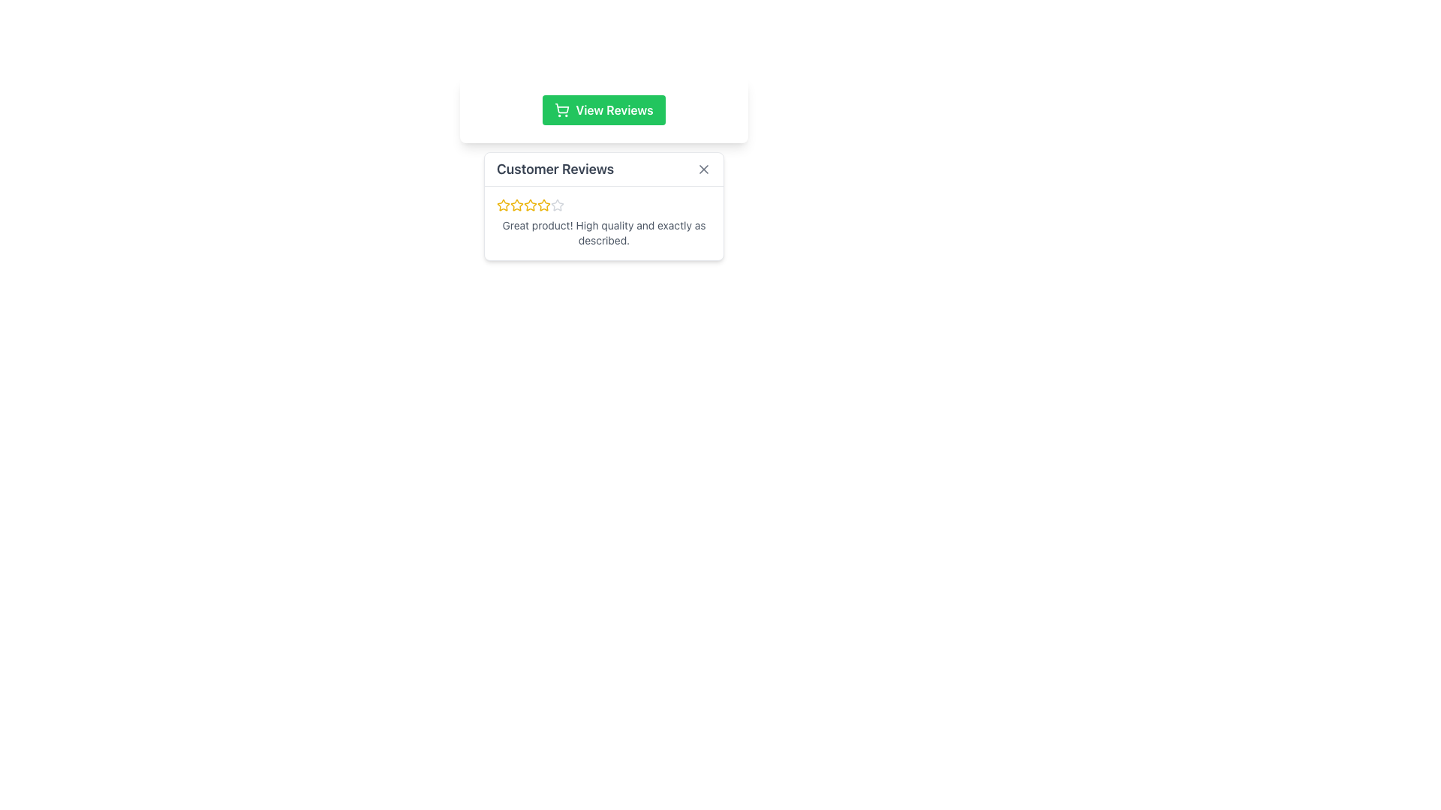 This screenshot has height=810, width=1441. What do you see at coordinates (702, 169) in the screenshot?
I see `the gray 'x' icon button located at the upper-right corner of the 'Customer Reviews' section` at bounding box center [702, 169].